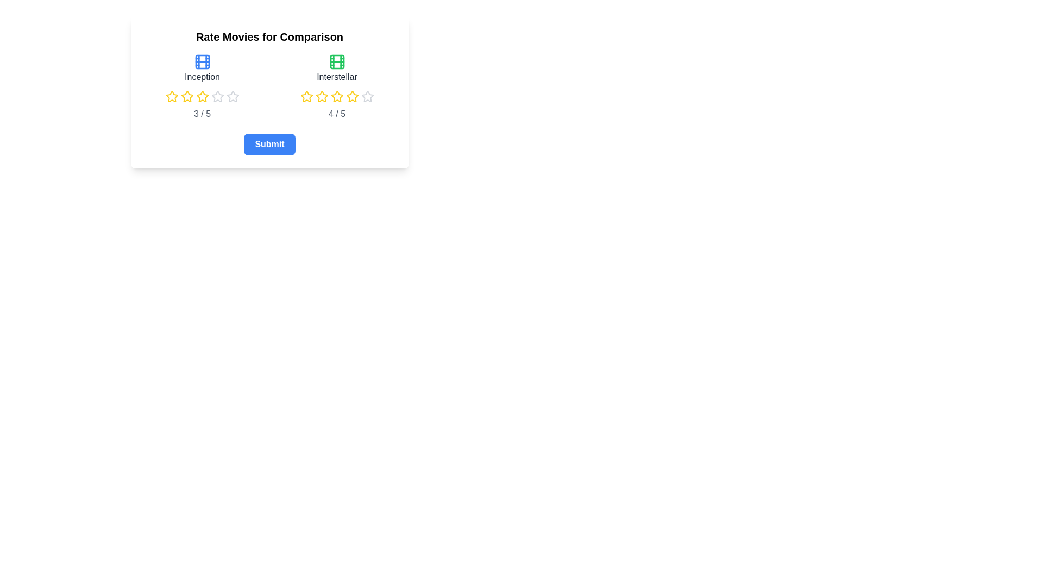  What do you see at coordinates (165, 96) in the screenshot?
I see `the rating for a movie by clicking on the star corresponding to 1 stars` at bounding box center [165, 96].